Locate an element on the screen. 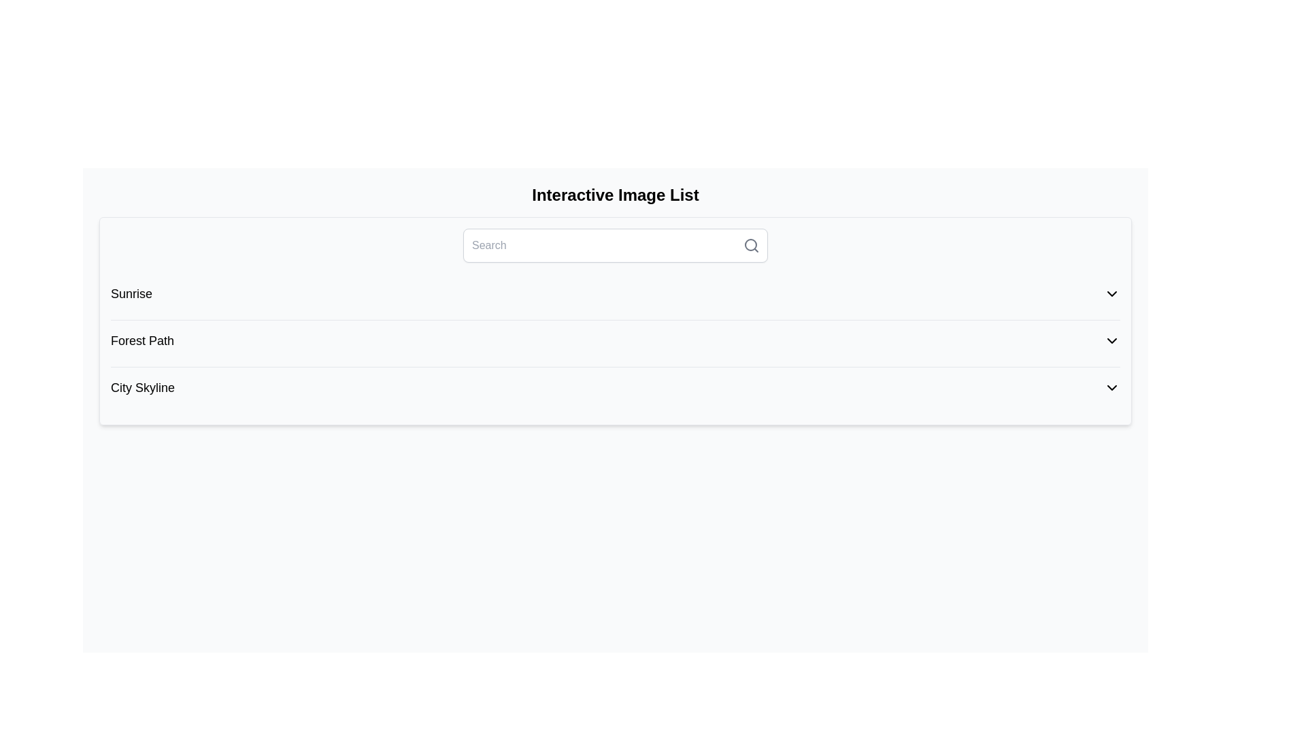  the Chevron Downward Arrow icon located at the extreme right margin of the 'Sunrise' list item is located at coordinates (1112, 293).